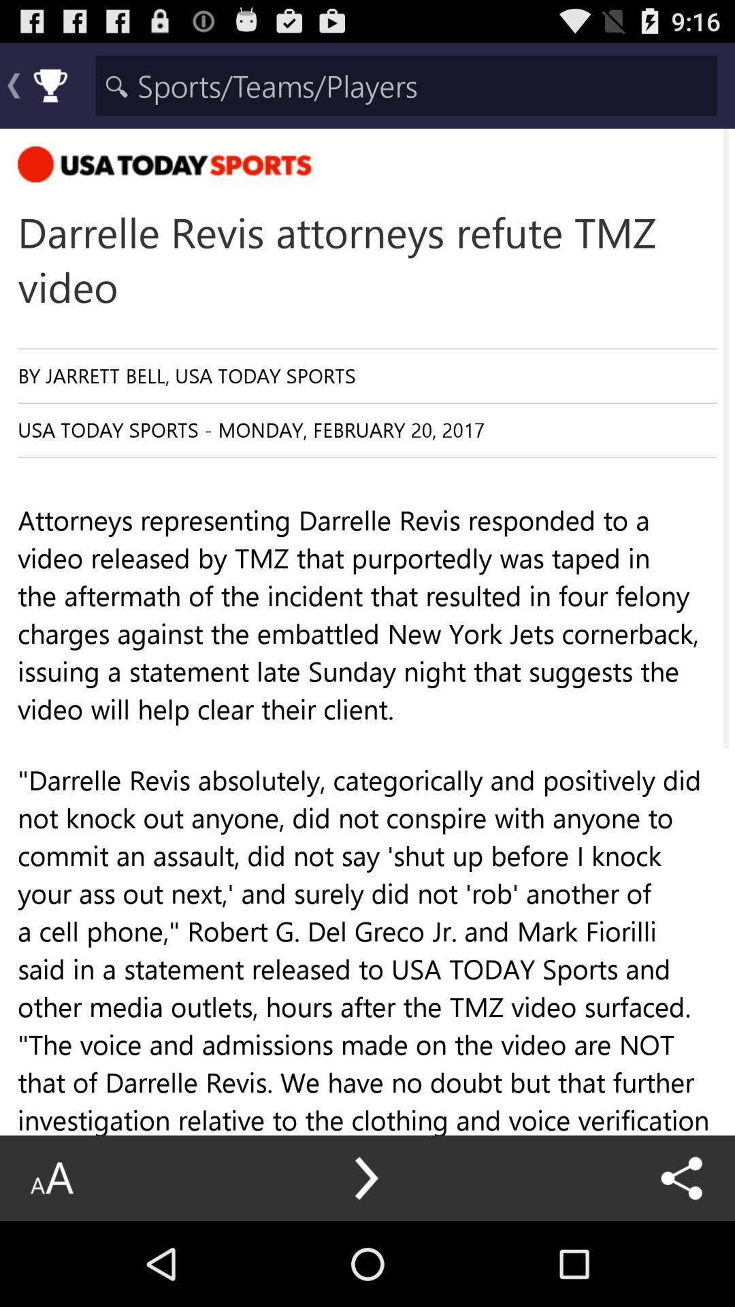 This screenshot has height=1307, width=735. I want to click on icon below attorneys representing darrelle item, so click(51, 1178).